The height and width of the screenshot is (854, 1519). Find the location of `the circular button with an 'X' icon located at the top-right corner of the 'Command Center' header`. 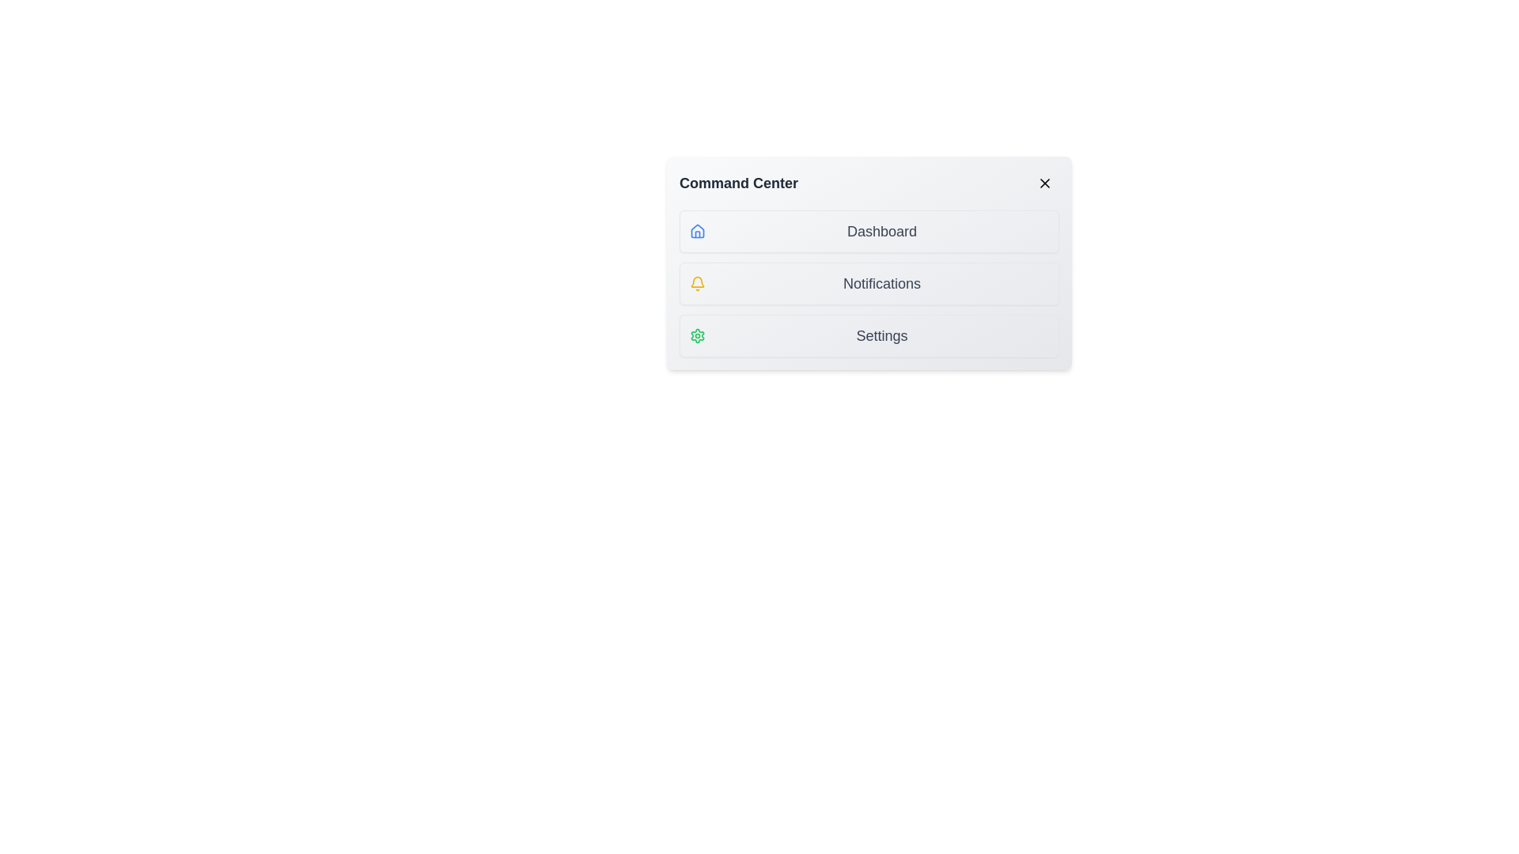

the circular button with an 'X' icon located at the top-right corner of the 'Command Center' header is located at coordinates (1044, 182).